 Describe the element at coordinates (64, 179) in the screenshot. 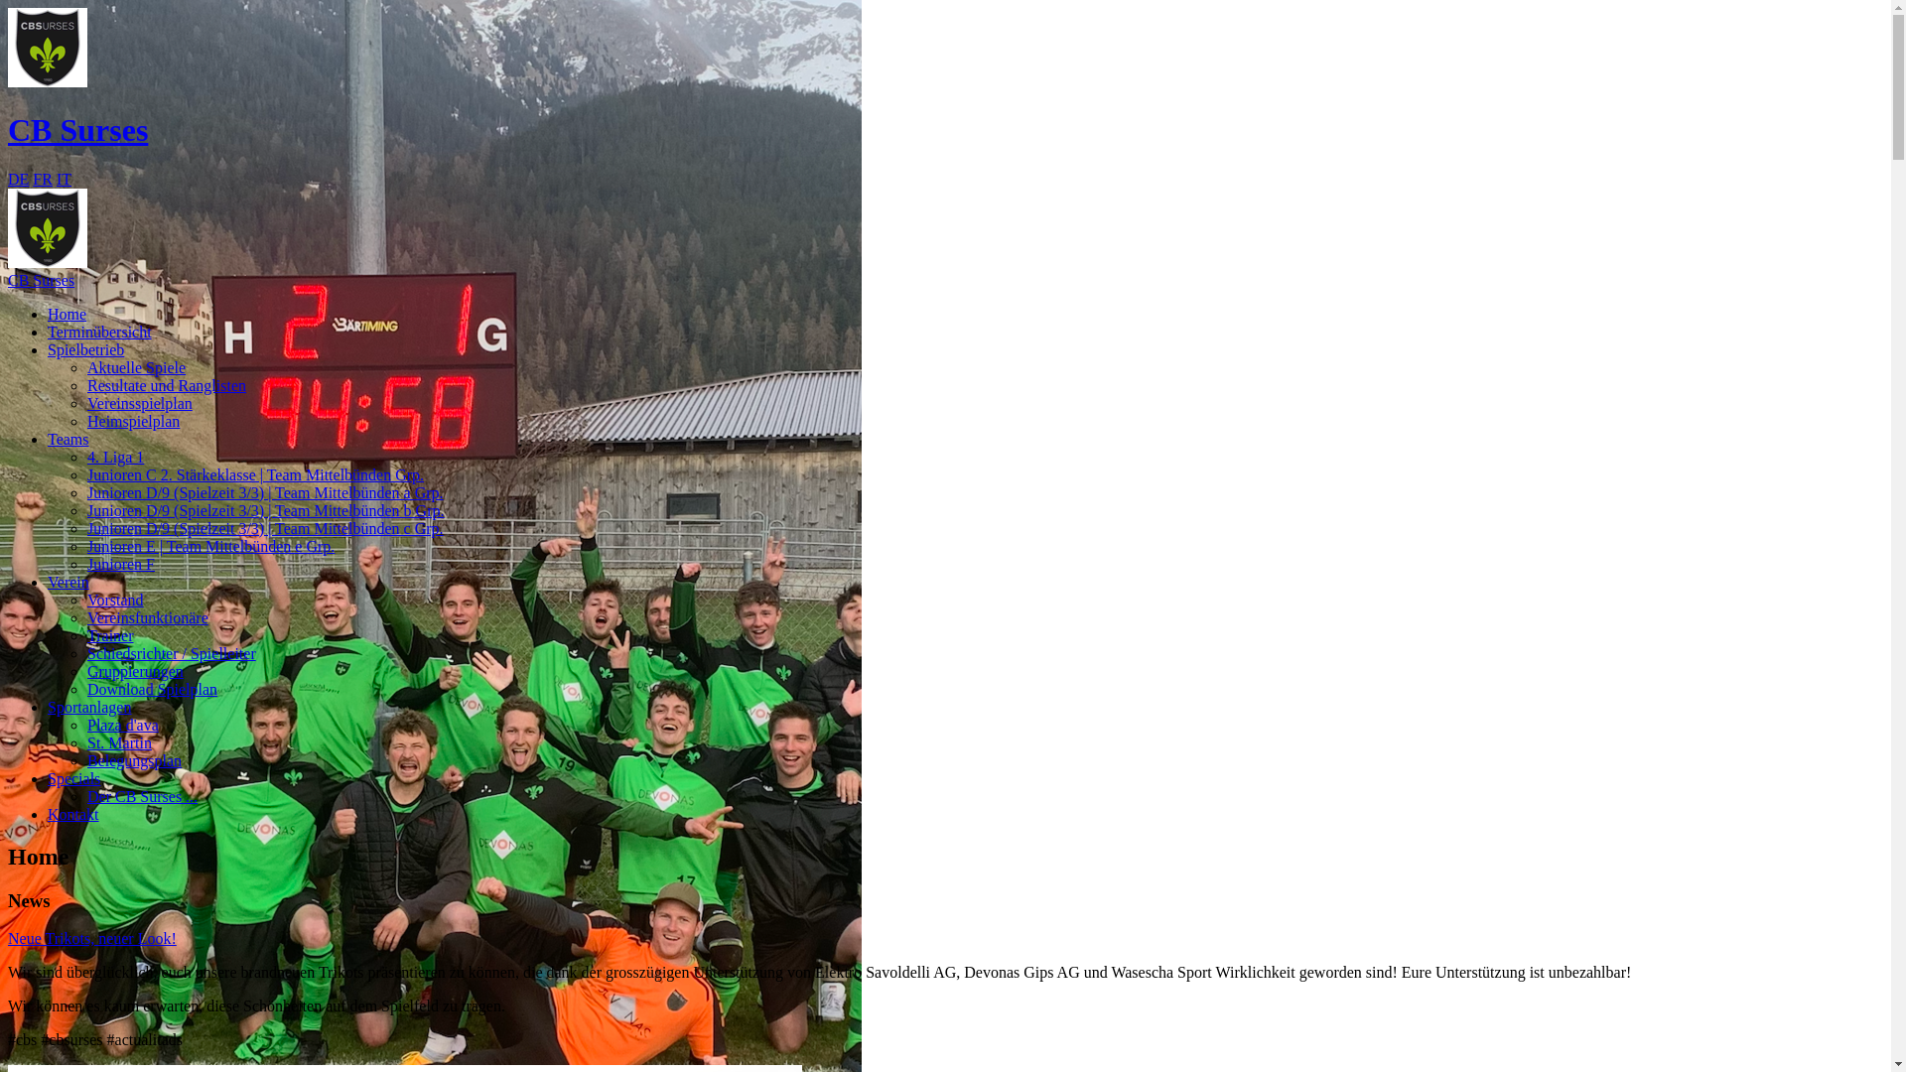

I see `'IT'` at that location.